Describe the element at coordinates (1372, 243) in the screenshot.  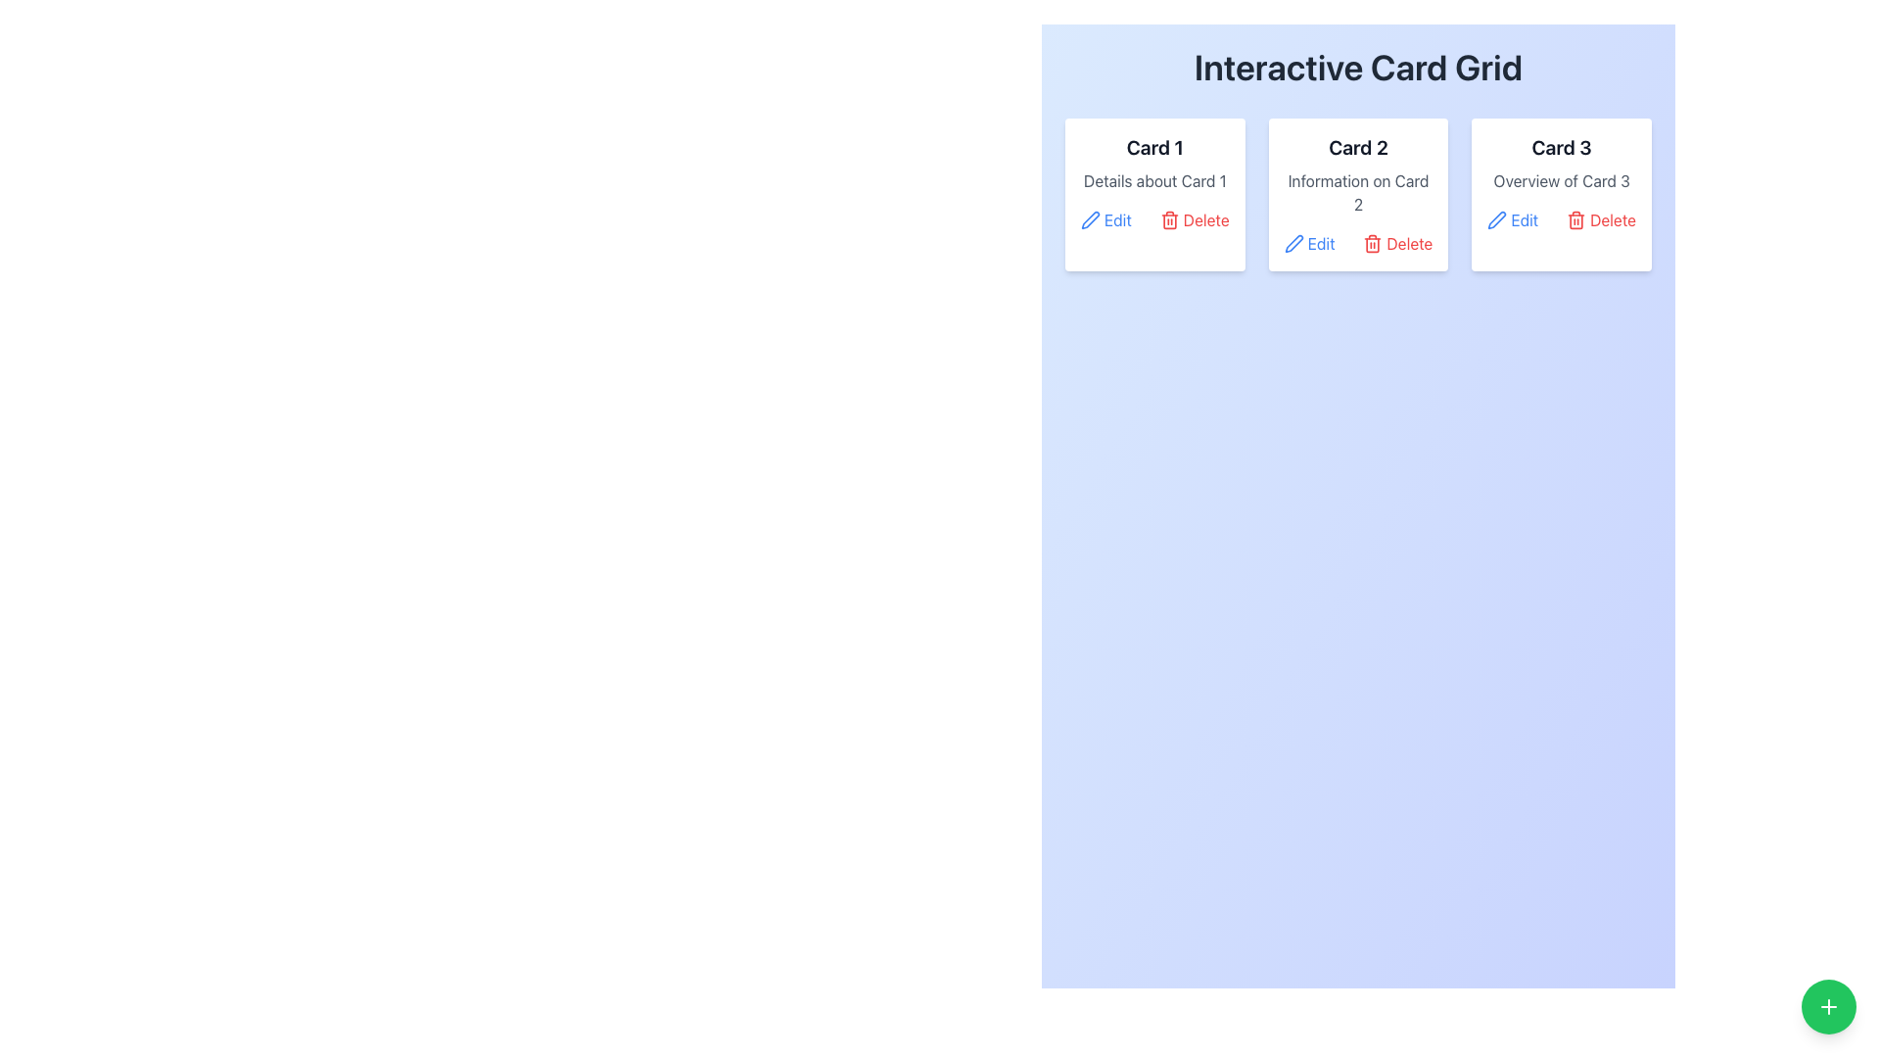
I see `the 'Delete' icon located to the right of the 'Edit' icon and immediately to the left of the red-colored text 'Delete' in the 'Card 2' segment of the card grid display` at that location.